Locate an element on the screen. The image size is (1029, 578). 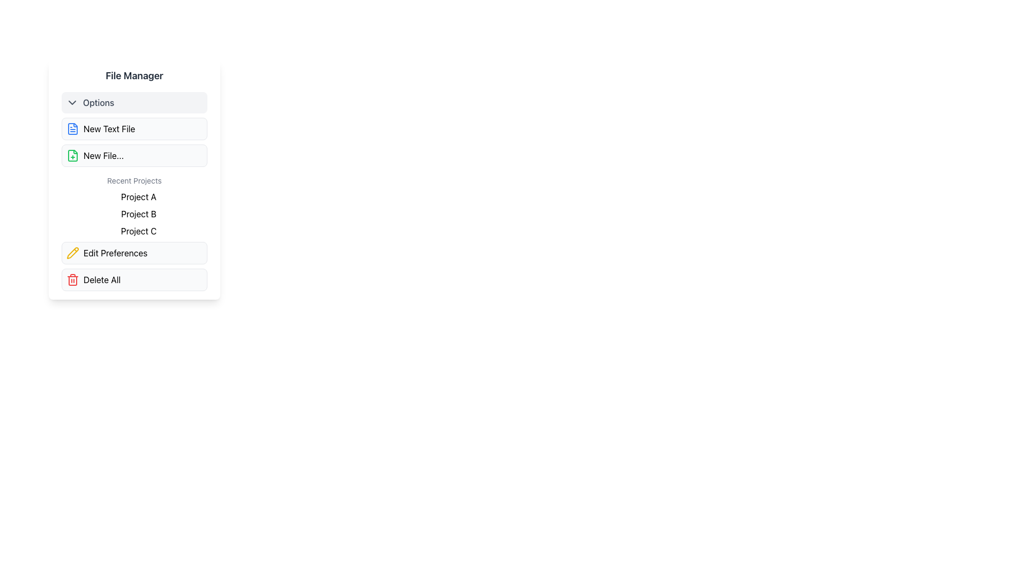
the icon that represents the creation of a new file, located on the left side of the interface under the 'New File...' title is located at coordinates (72, 155).